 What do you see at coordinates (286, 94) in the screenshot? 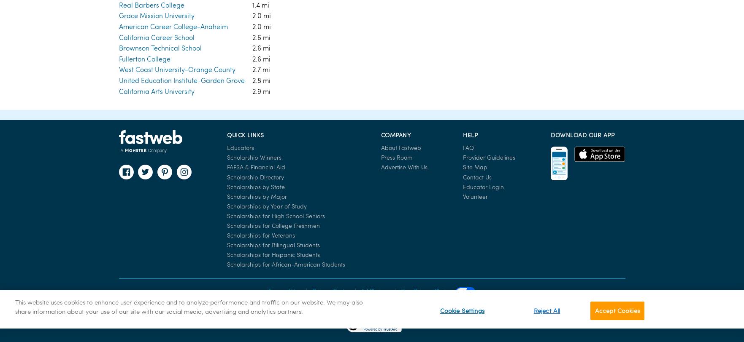
I see `'Scholarships for African-American Students'` at bounding box center [286, 94].